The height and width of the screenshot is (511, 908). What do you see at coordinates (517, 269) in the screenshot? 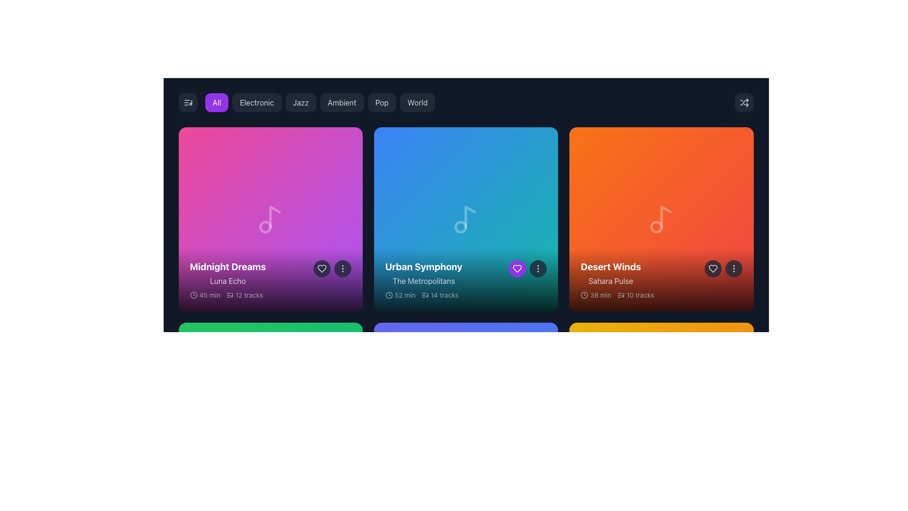
I see `the circular 'like' button with an icon for the 'Urban Symphony' item, located in the bottom-right corner of the card` at bounding box center [517, 269].